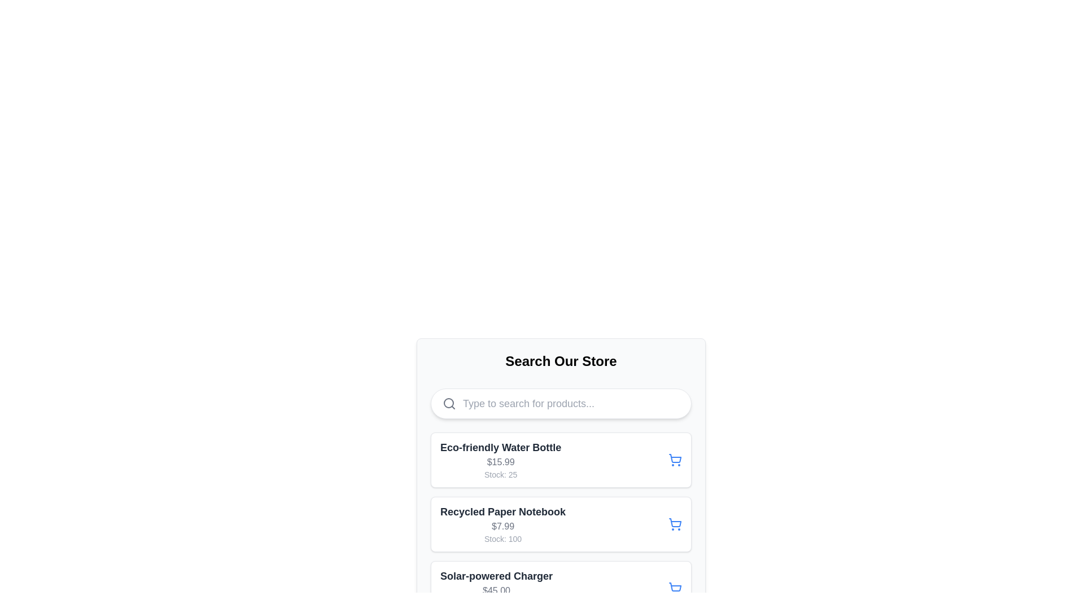 This screenshot has height=609, width=1084. Describe the element at coordinates (449, 403) in the screenshot. I see `the gray outlined magnifying glass icon located before the input field in the search bar` at that location.